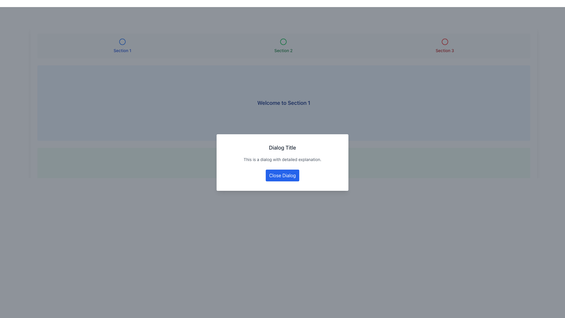 This screenshot has width=565, height=318. What do you see at coordinates (445, 50) in the screenshot?
I see `the Text label that serves as a header for the clickable section labeled 'Section 3', which is located below a circular icon in the upper-right part of the interface` at bounding box center [445, 50].